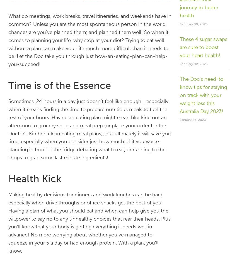 The width and height of the screenshot is (237, 259). What do you see at coordinates (90, 129) in the screenshot?
I see `'Sometimes, 24 hours in a day just doesn’t feel like enough… especially when it means finding the time to prepare nutritious meals to fuel the rest of your hours. Having an eating plan might mean blocking out an afternoon to grocery shop and meal prep (or place your order for the Doctor’s Kitchen clean eating meal plans); but ultimately it will save you time, especially when you consider just how much of it you waste standing in front of the fridge debating what to eat, or running to the shops to grab some last minute ingredients!'` at bounding box center [90, 129].